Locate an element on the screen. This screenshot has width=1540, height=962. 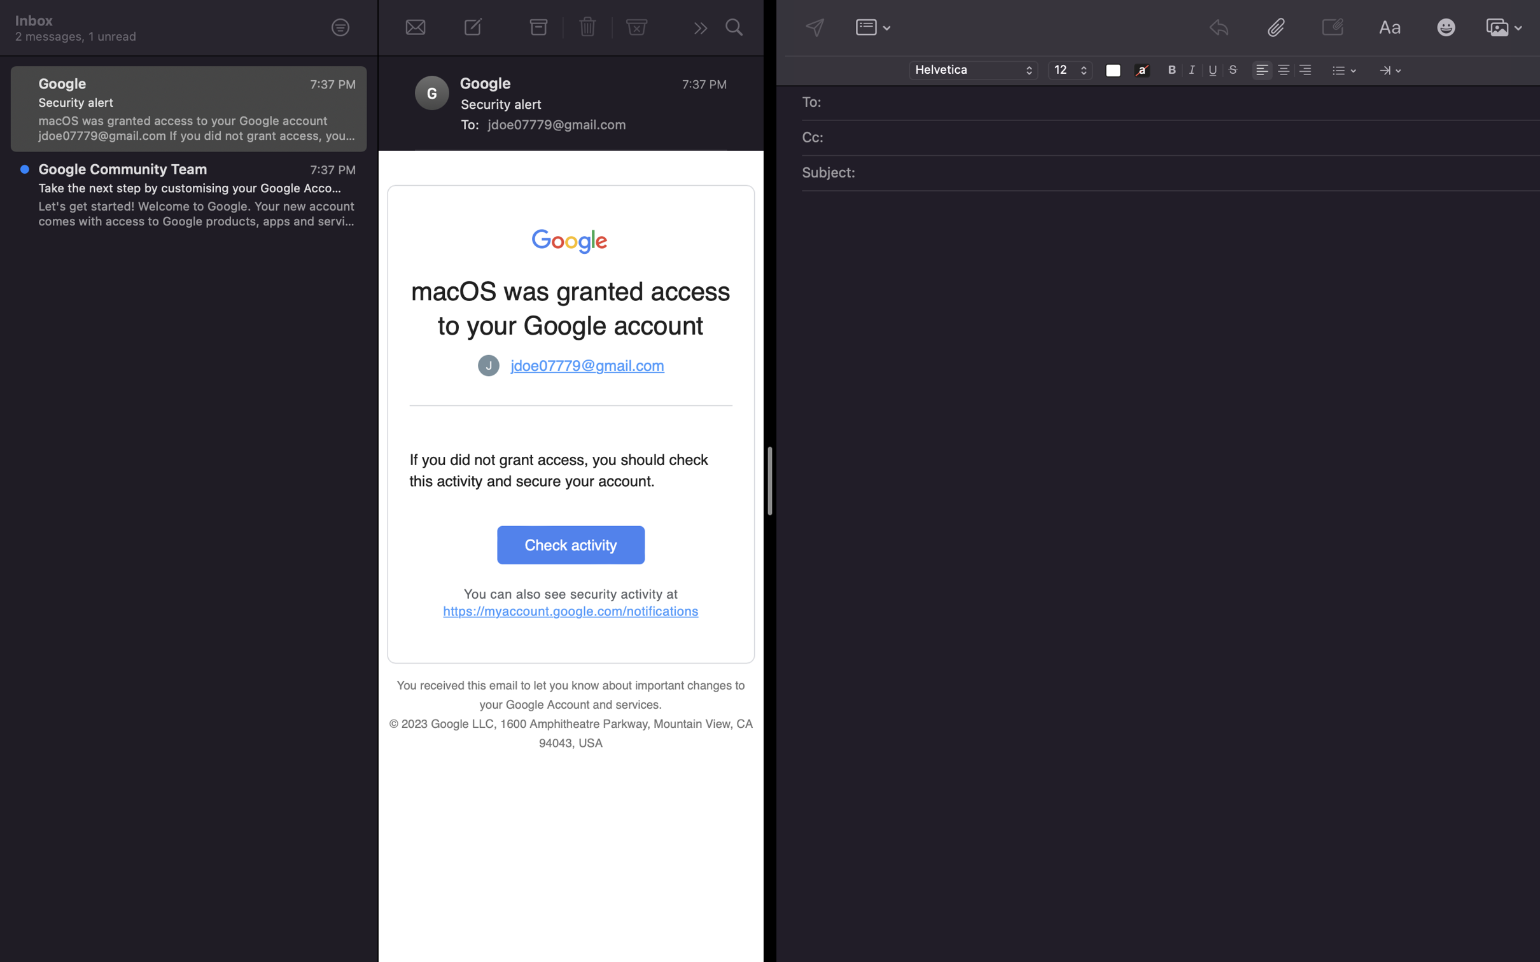
Add recipient of mail as "lisa@gmail.com is located at coordinates (1180, 103).